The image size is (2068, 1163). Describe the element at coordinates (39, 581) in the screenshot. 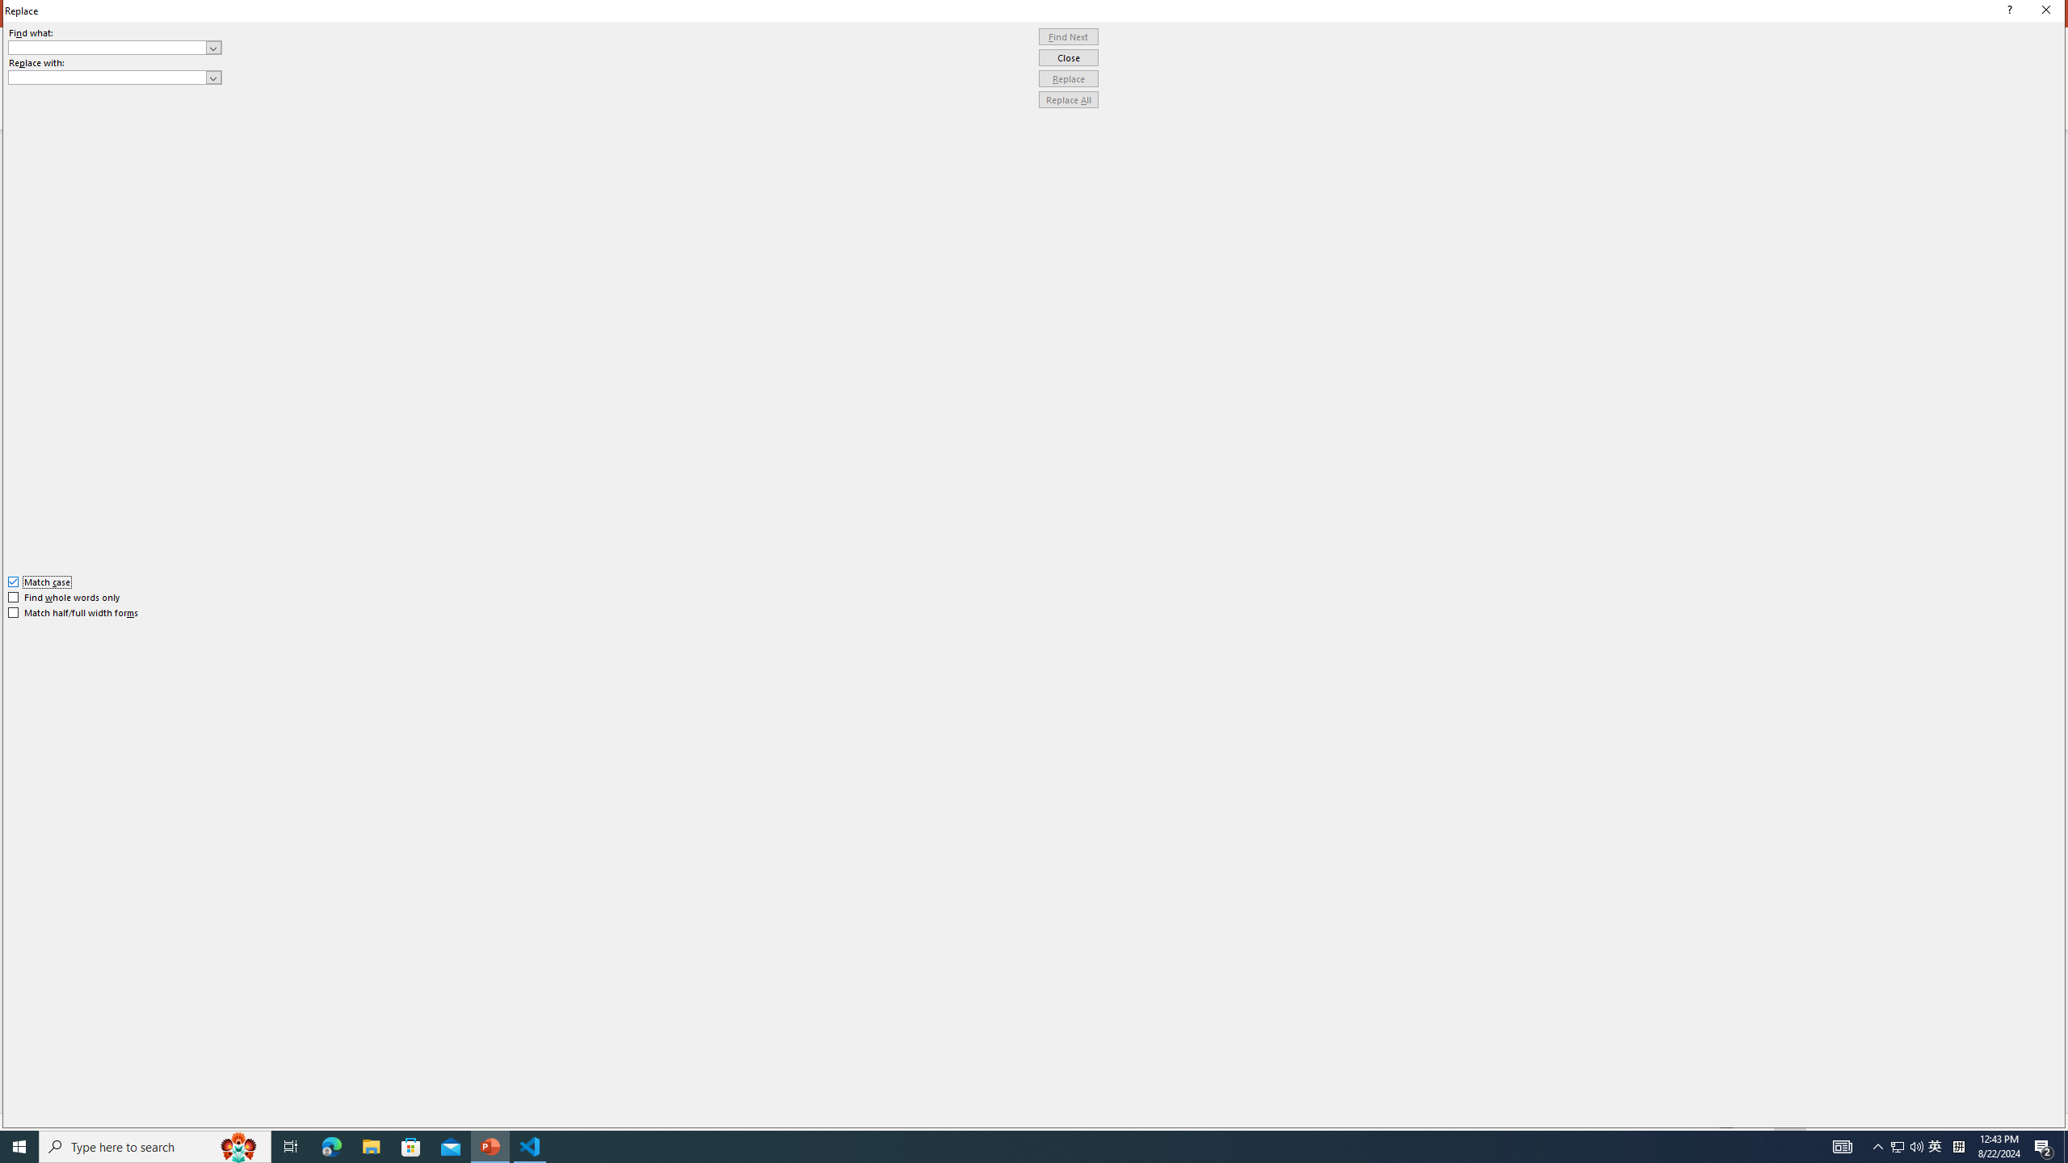

I see `'Match case'` at that location.